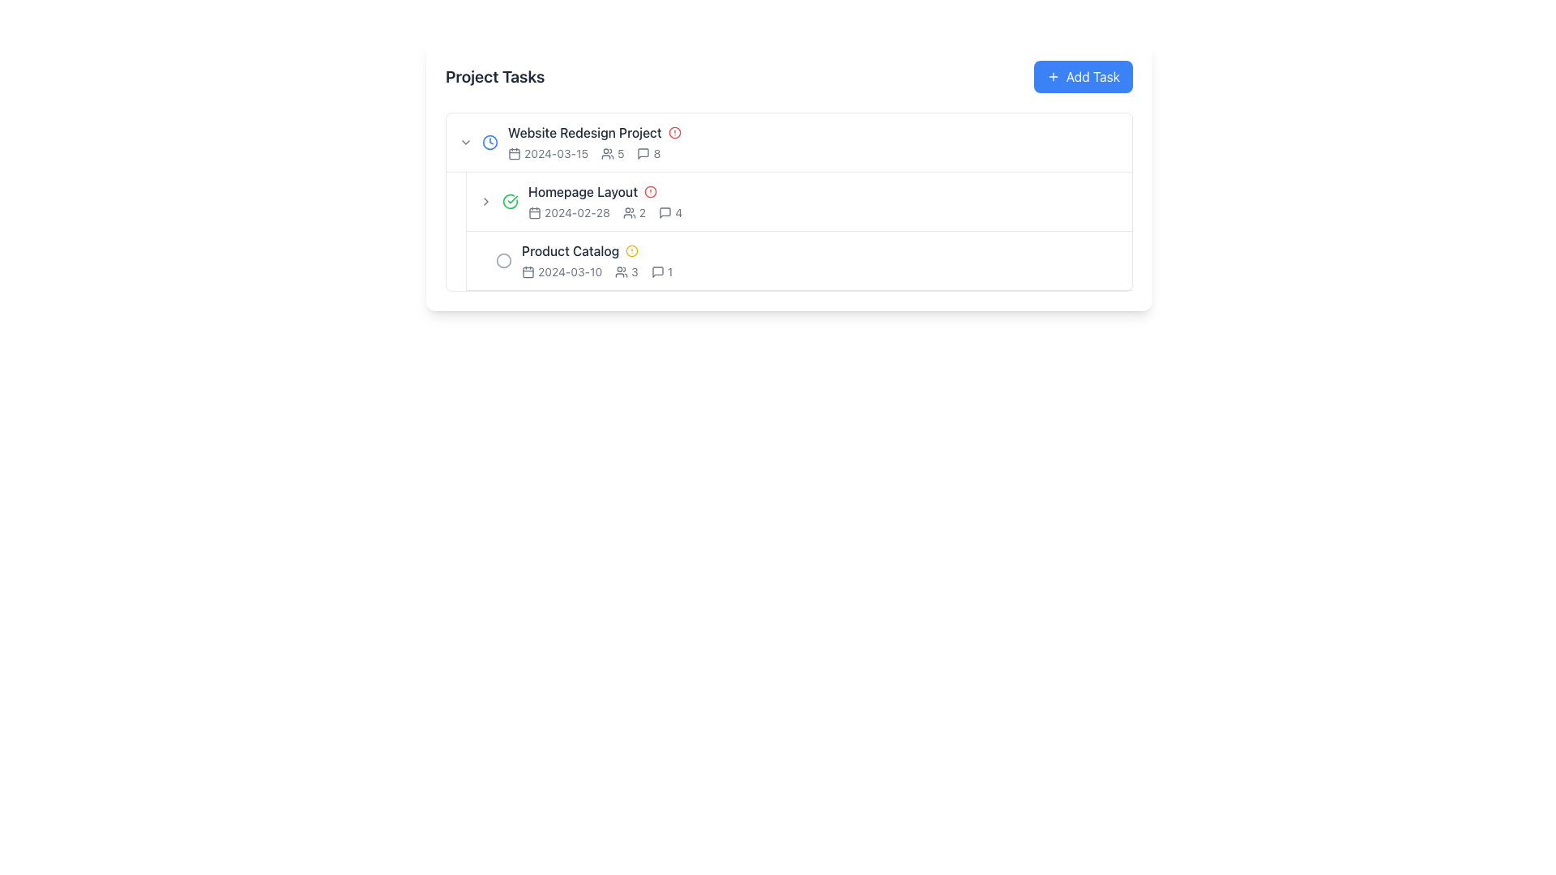 The image size is (1556, 875). I want to click on the speech bubble icon located in the 'Product Catalog' row of the 'Project Tasks' list, so click(657, 271).